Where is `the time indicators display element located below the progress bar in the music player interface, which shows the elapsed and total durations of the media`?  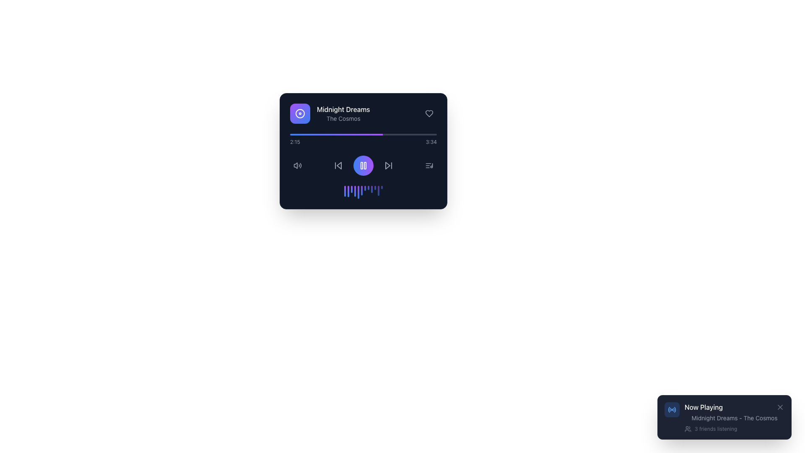 the time indicators display element located below the progress bar in the music player interface, which shows the elapsed and total durations of the media is located at coordinates (364, 142).